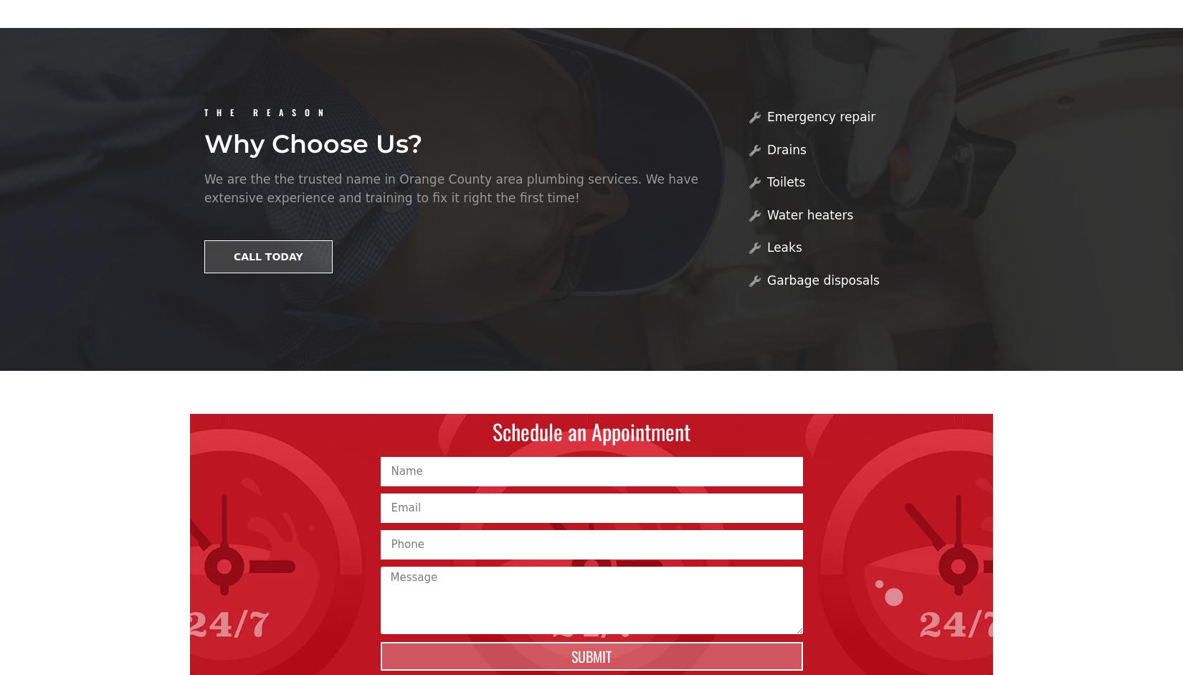 The height and width of the screenshot is (675, 1183). What do you see at coordinates (591, 654) in the screenshot?
I see `'SUBMIT'` at bounding box center [591, 654].